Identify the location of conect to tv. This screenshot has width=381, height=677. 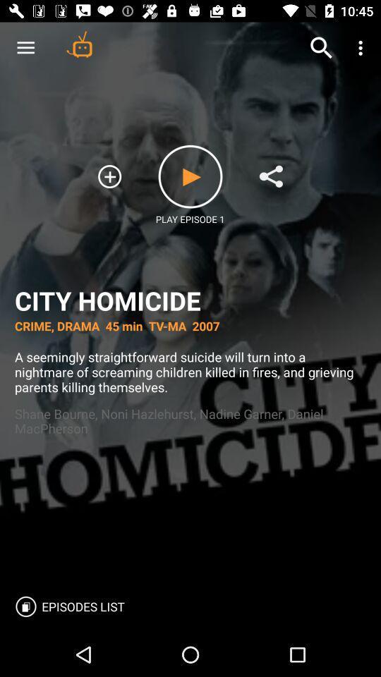
(79, 44).